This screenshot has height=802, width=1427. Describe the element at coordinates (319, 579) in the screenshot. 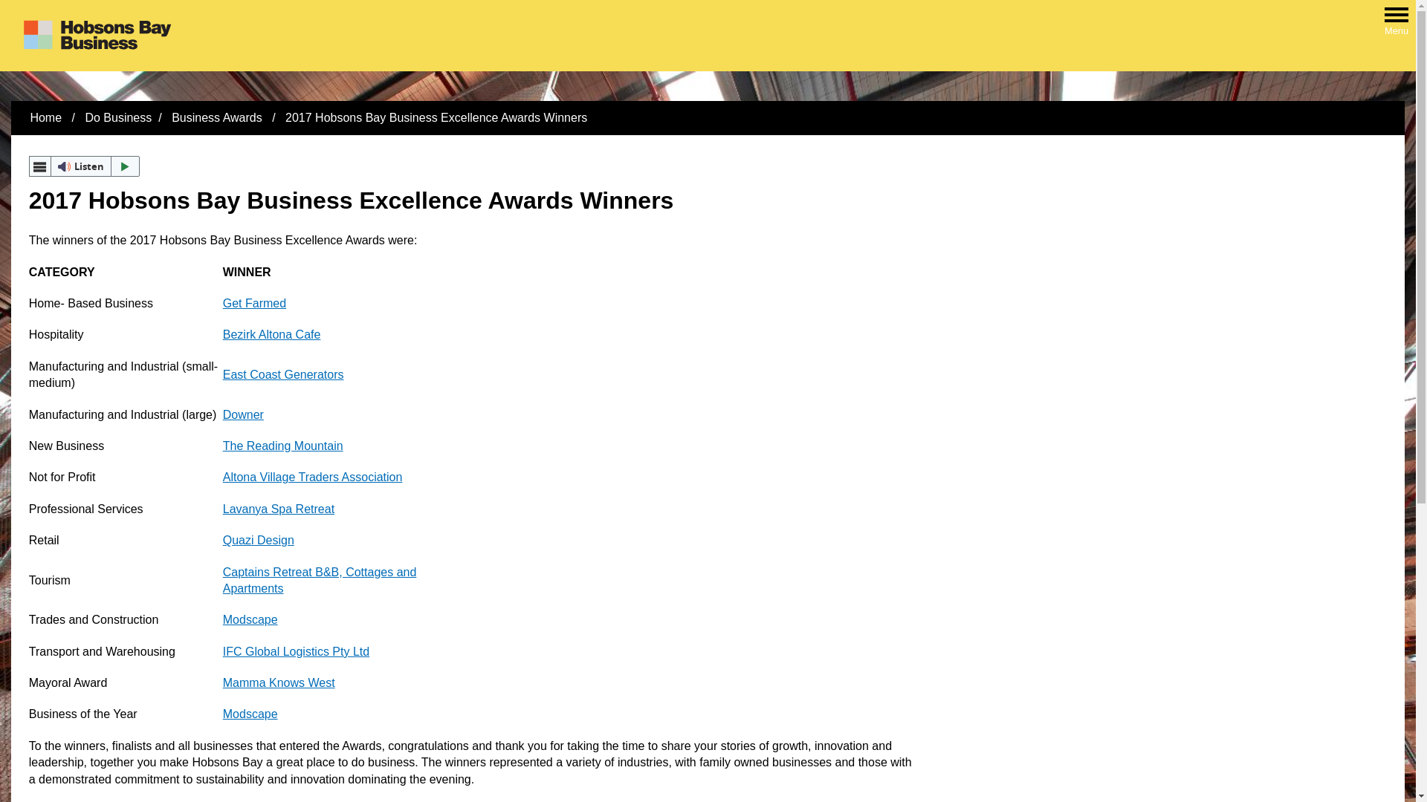

I see `'Captains Retreat B&B, Cottages and Apartments'` at that location.